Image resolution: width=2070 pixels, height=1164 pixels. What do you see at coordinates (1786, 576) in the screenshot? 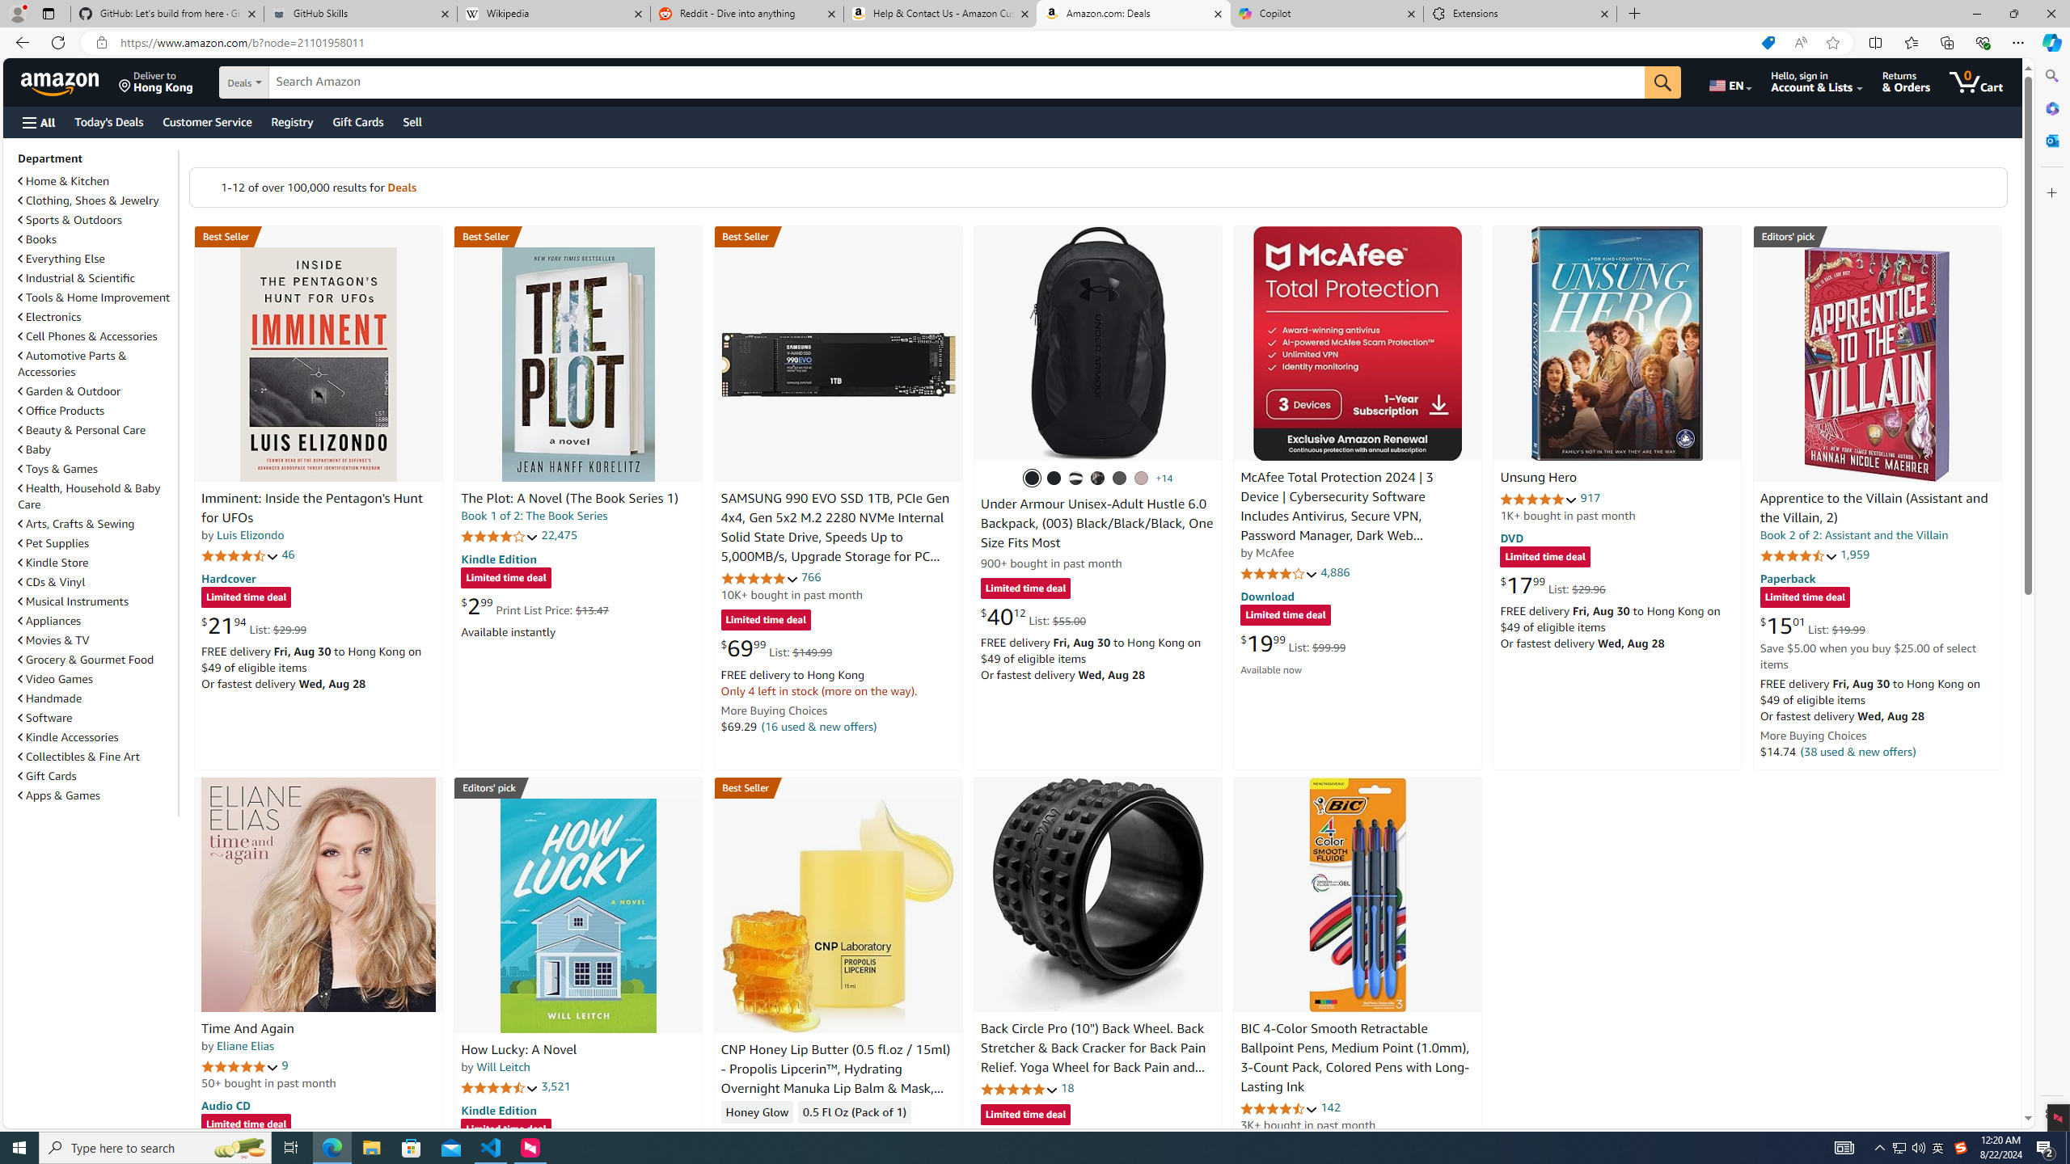
I see `'Paperback'` at bounding box center [1786, 576].